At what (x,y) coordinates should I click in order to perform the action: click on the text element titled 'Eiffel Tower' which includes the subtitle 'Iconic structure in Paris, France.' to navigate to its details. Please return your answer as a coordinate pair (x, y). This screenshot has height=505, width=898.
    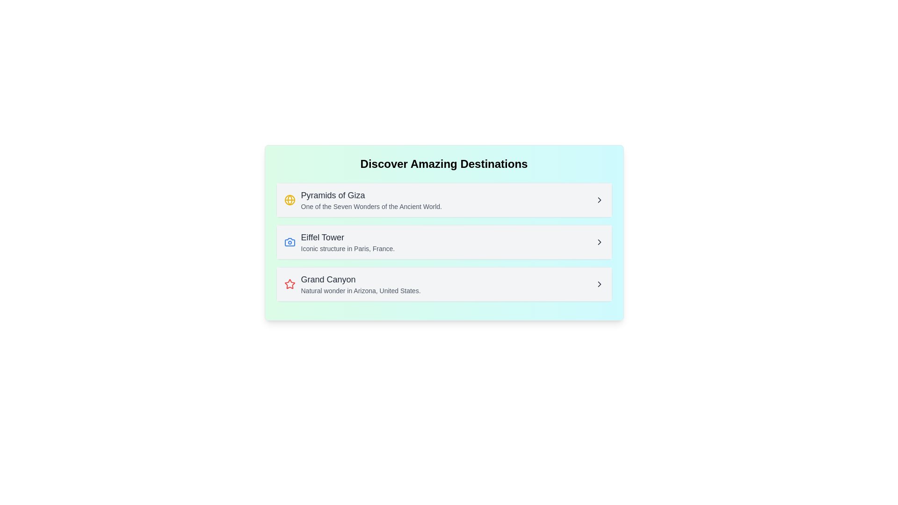
    Looking at the image, I should click on (347, 241).